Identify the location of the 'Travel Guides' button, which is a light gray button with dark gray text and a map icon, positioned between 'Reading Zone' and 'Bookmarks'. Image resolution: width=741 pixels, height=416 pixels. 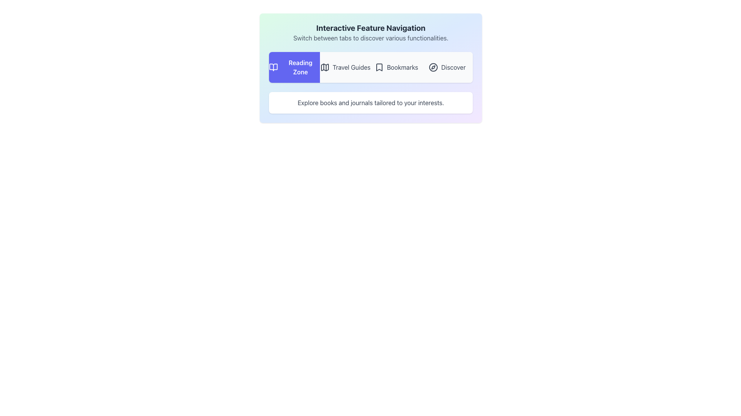
(345, 67).